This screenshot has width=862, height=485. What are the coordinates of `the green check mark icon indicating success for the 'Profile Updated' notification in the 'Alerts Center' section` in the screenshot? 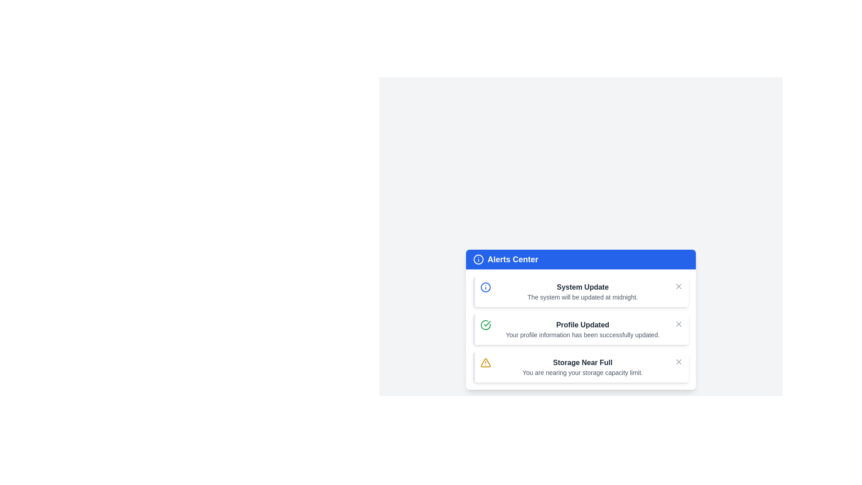 It's located at (487, 324).